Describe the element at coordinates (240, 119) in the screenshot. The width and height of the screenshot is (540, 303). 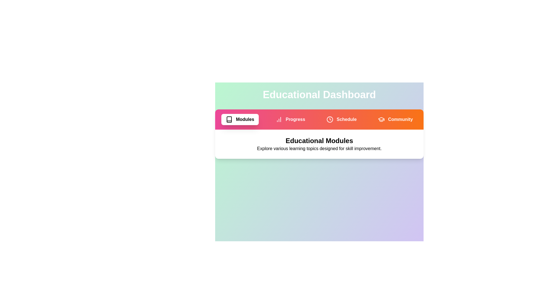
I see `the navigation button labeled 'Modules' located at the far left of the horizontal navigation bar` at that location.